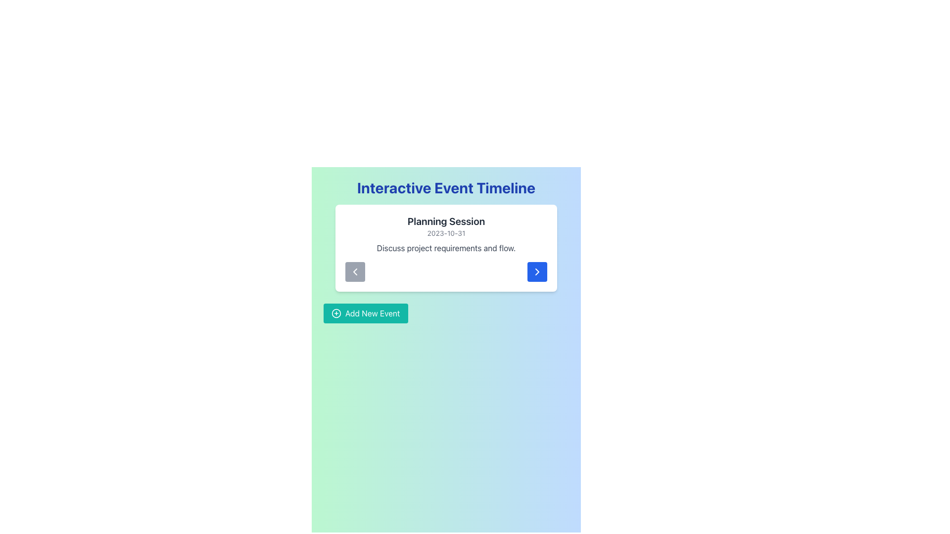 The height and width of the screenshot is (534, 950). Describe the element at coordinates (355, 272) in the screenshot. I see `the chevron icon embedded within the interactive button on the event card` at that location.